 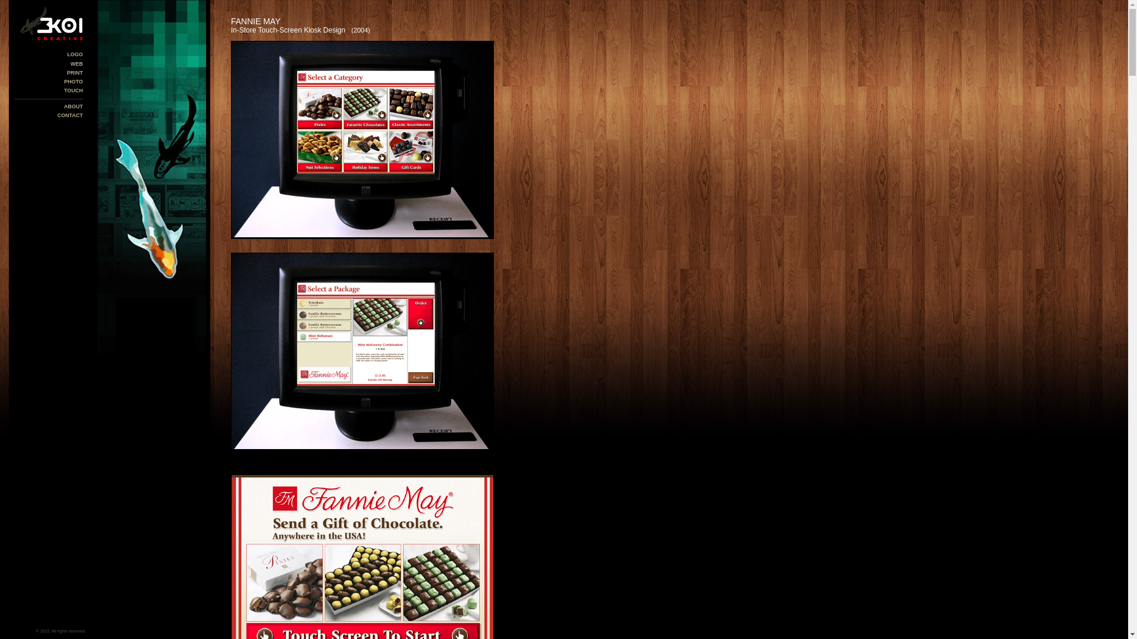 I want to click on 'WEB', so click(x=76, y=64).